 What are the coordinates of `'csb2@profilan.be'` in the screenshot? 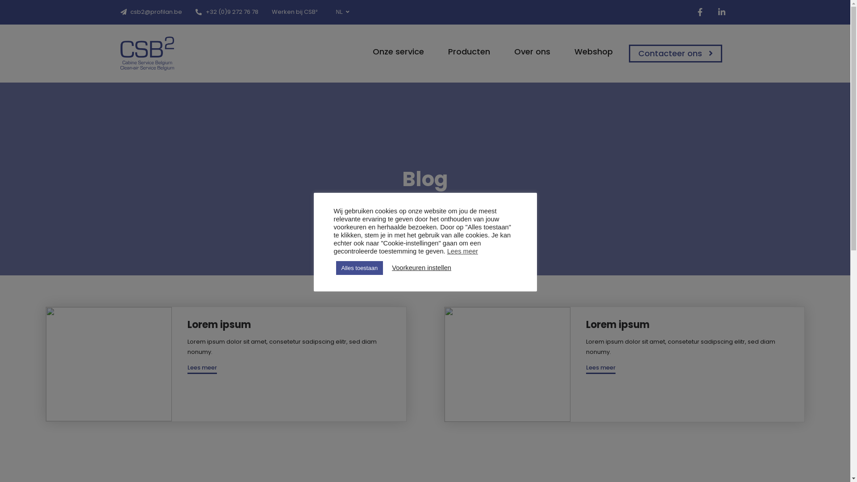 It's located at (120, 12).